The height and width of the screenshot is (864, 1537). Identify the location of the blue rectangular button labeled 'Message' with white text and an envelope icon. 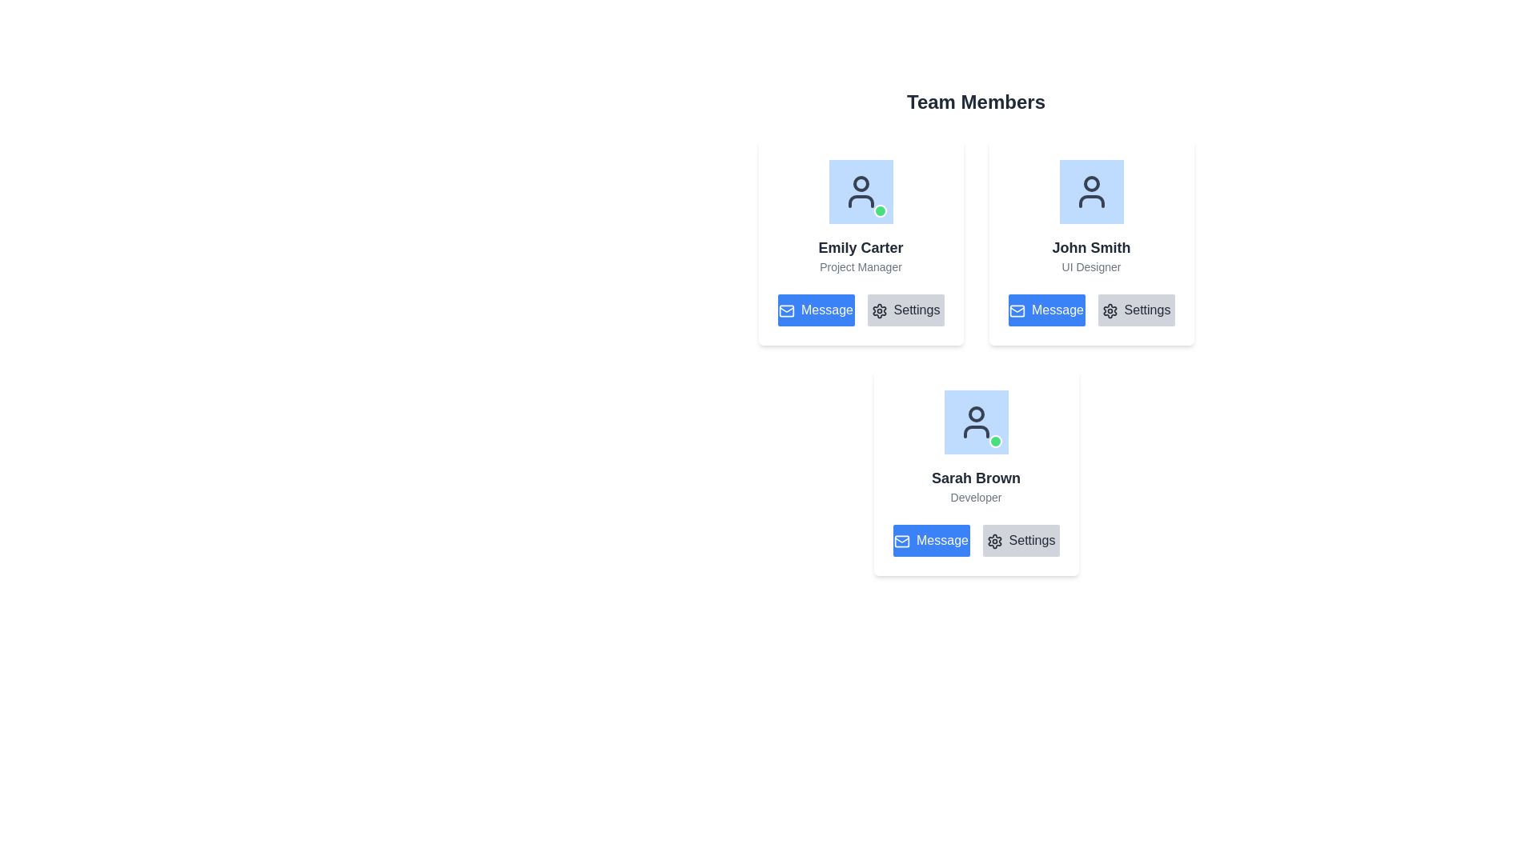
(1046, 310).